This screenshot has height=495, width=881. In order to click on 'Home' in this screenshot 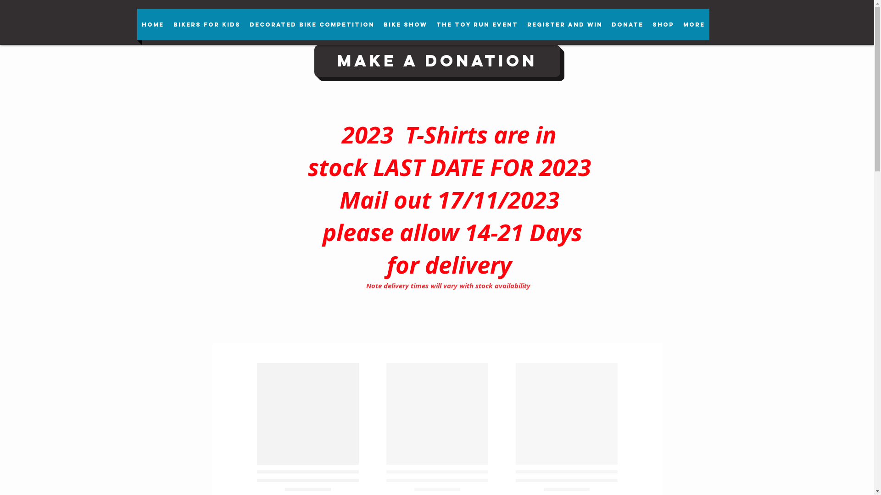, I will do `click(152, 24)`.